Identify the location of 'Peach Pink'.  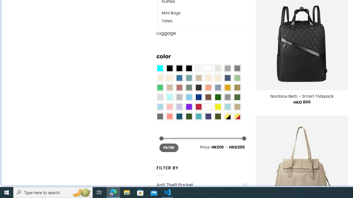
(169, 116).